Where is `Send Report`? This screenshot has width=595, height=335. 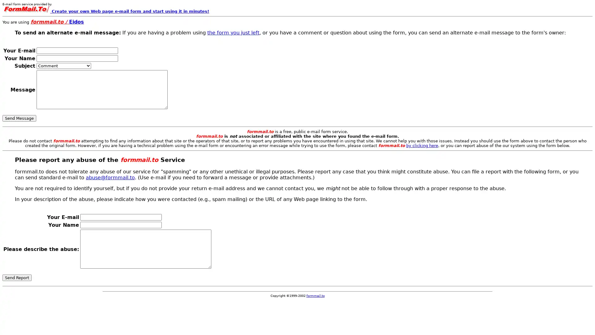
Send Report is located at coordinates (17, 277).